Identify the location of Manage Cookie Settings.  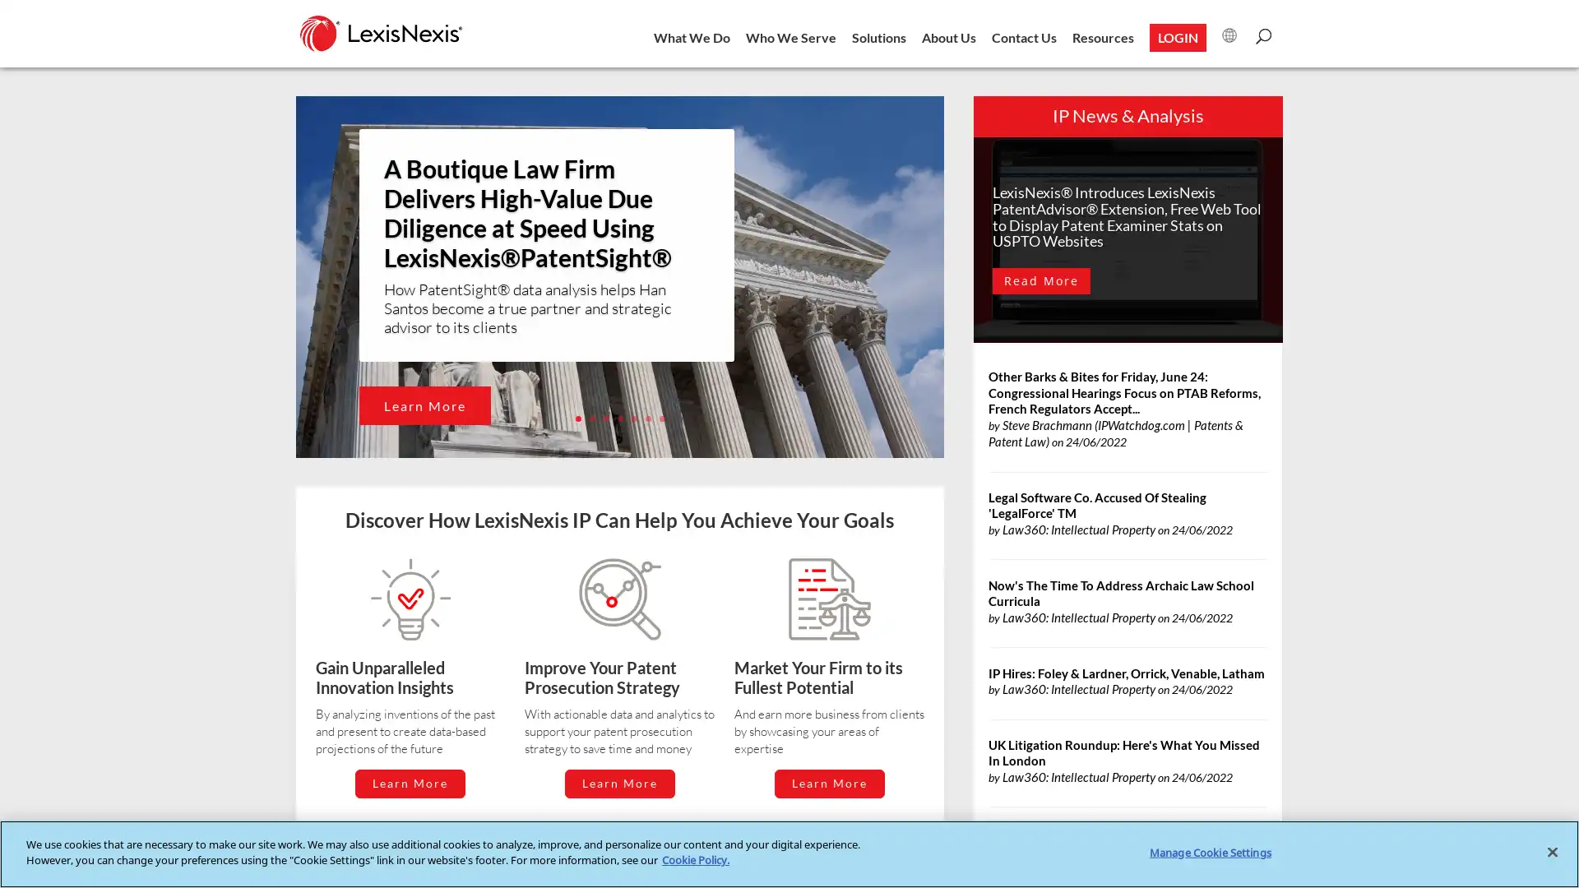
(1209, 852).